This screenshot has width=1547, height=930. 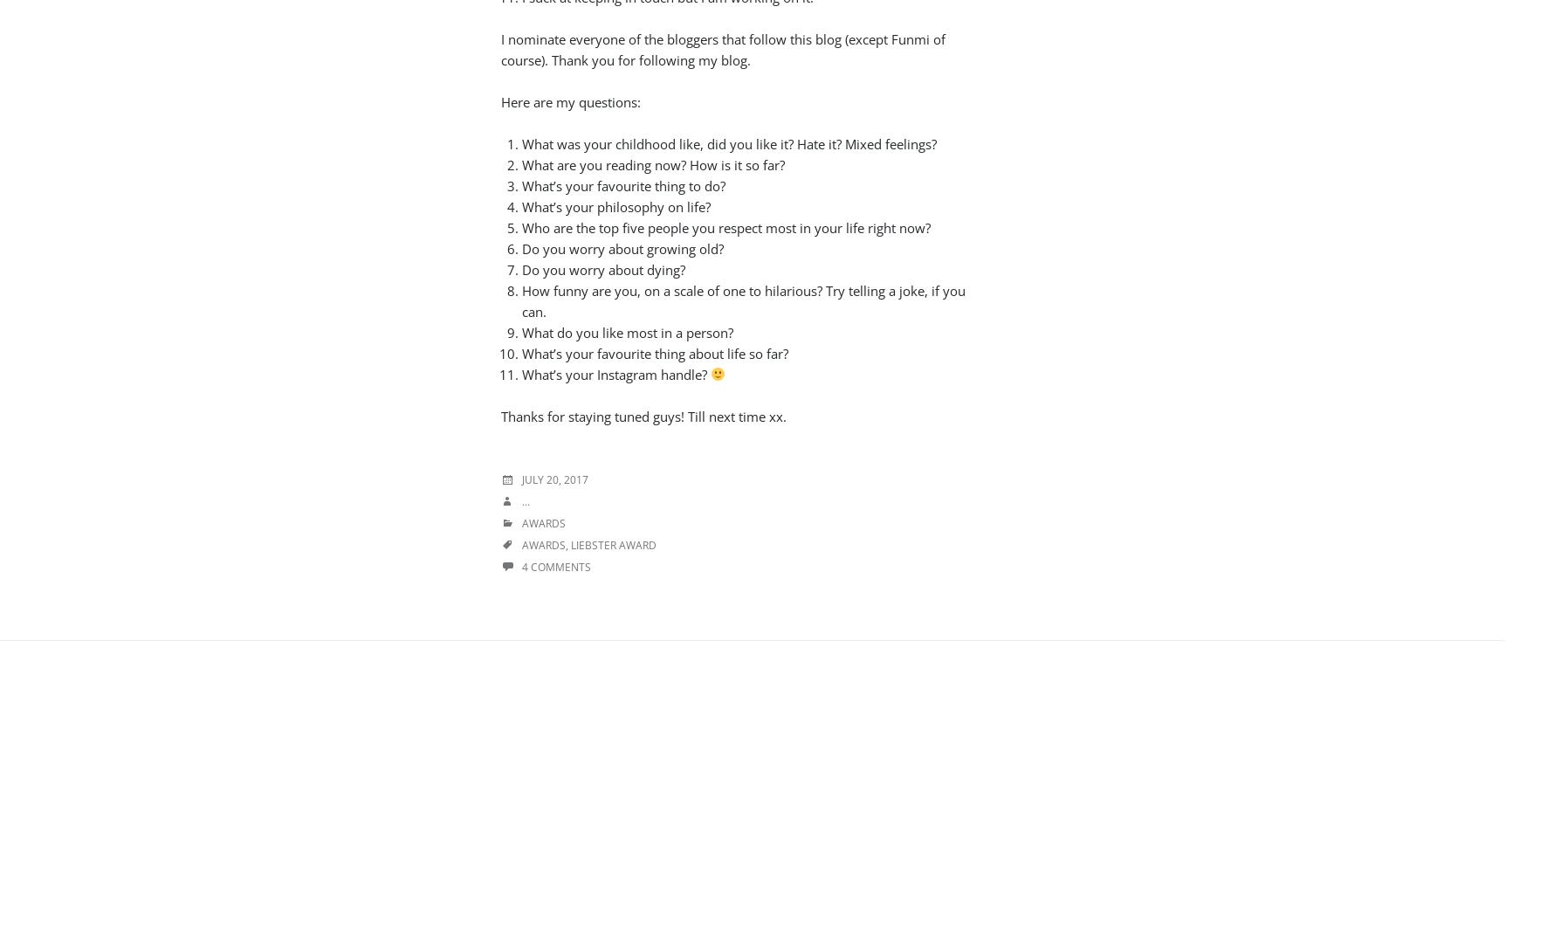 What do you see at coordinates (568, 544) in the screenshot?
I see `','` at bounding box center [568, 544].